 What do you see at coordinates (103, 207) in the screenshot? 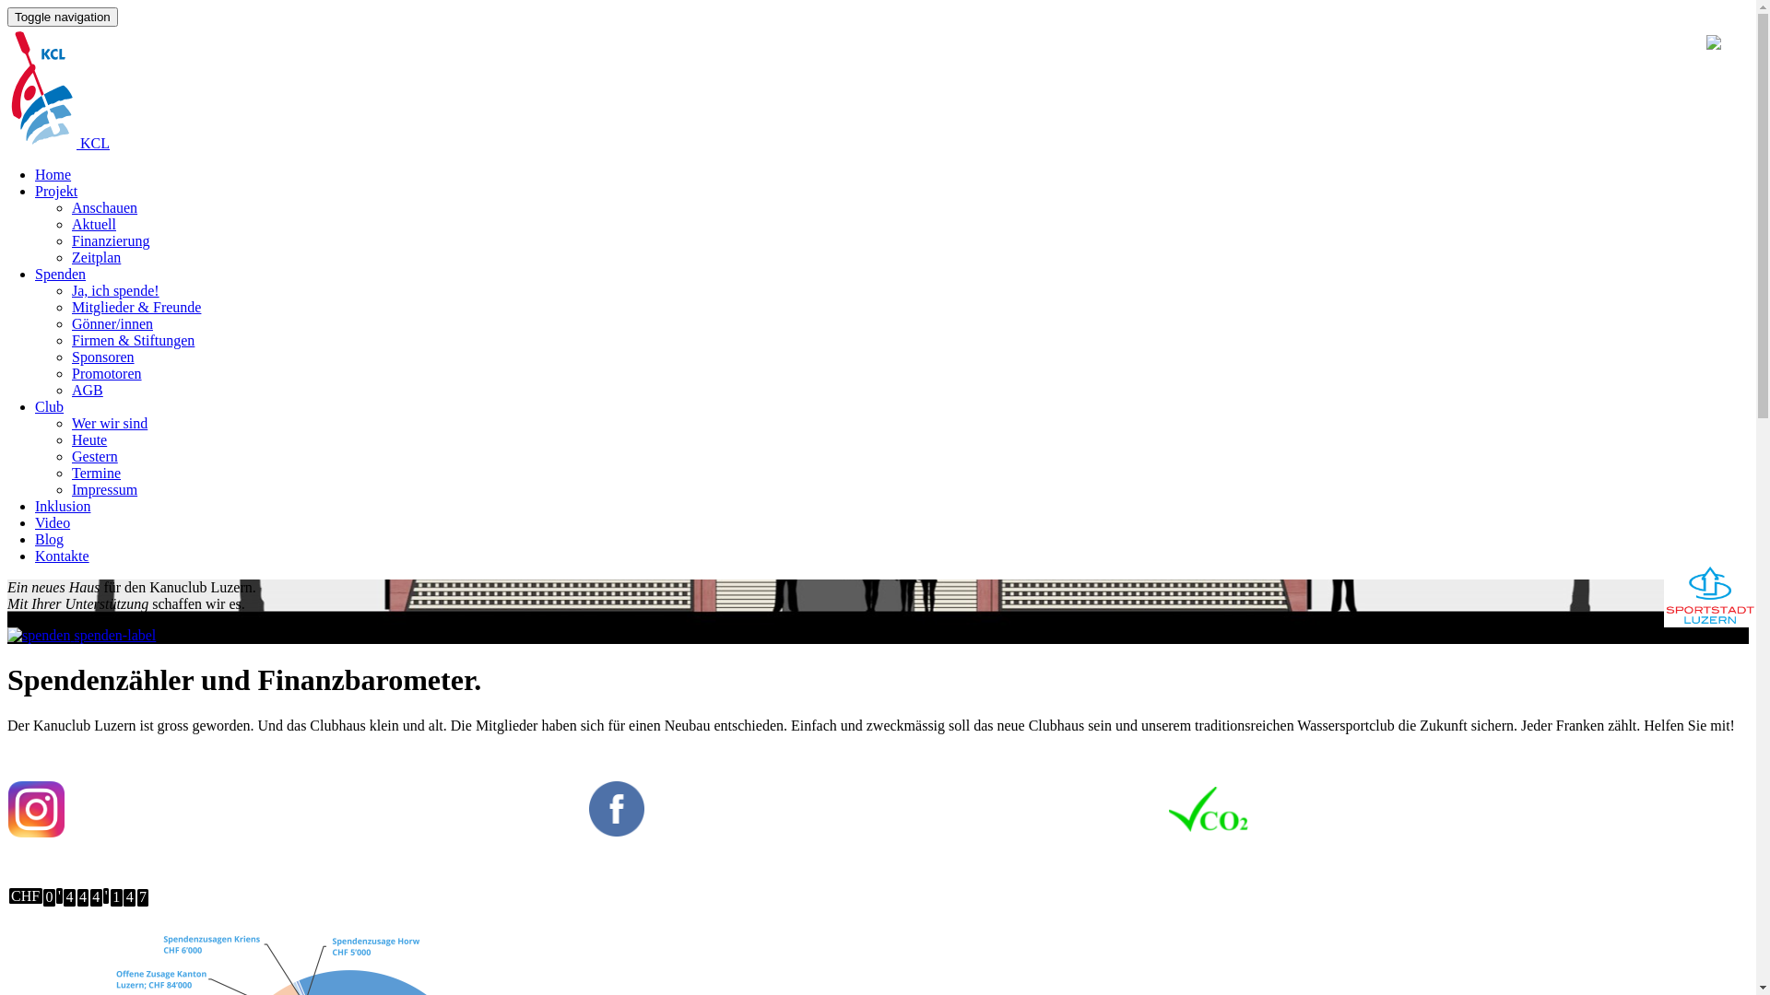
I see `'Anschauen'` at bounding box center [103, 207].